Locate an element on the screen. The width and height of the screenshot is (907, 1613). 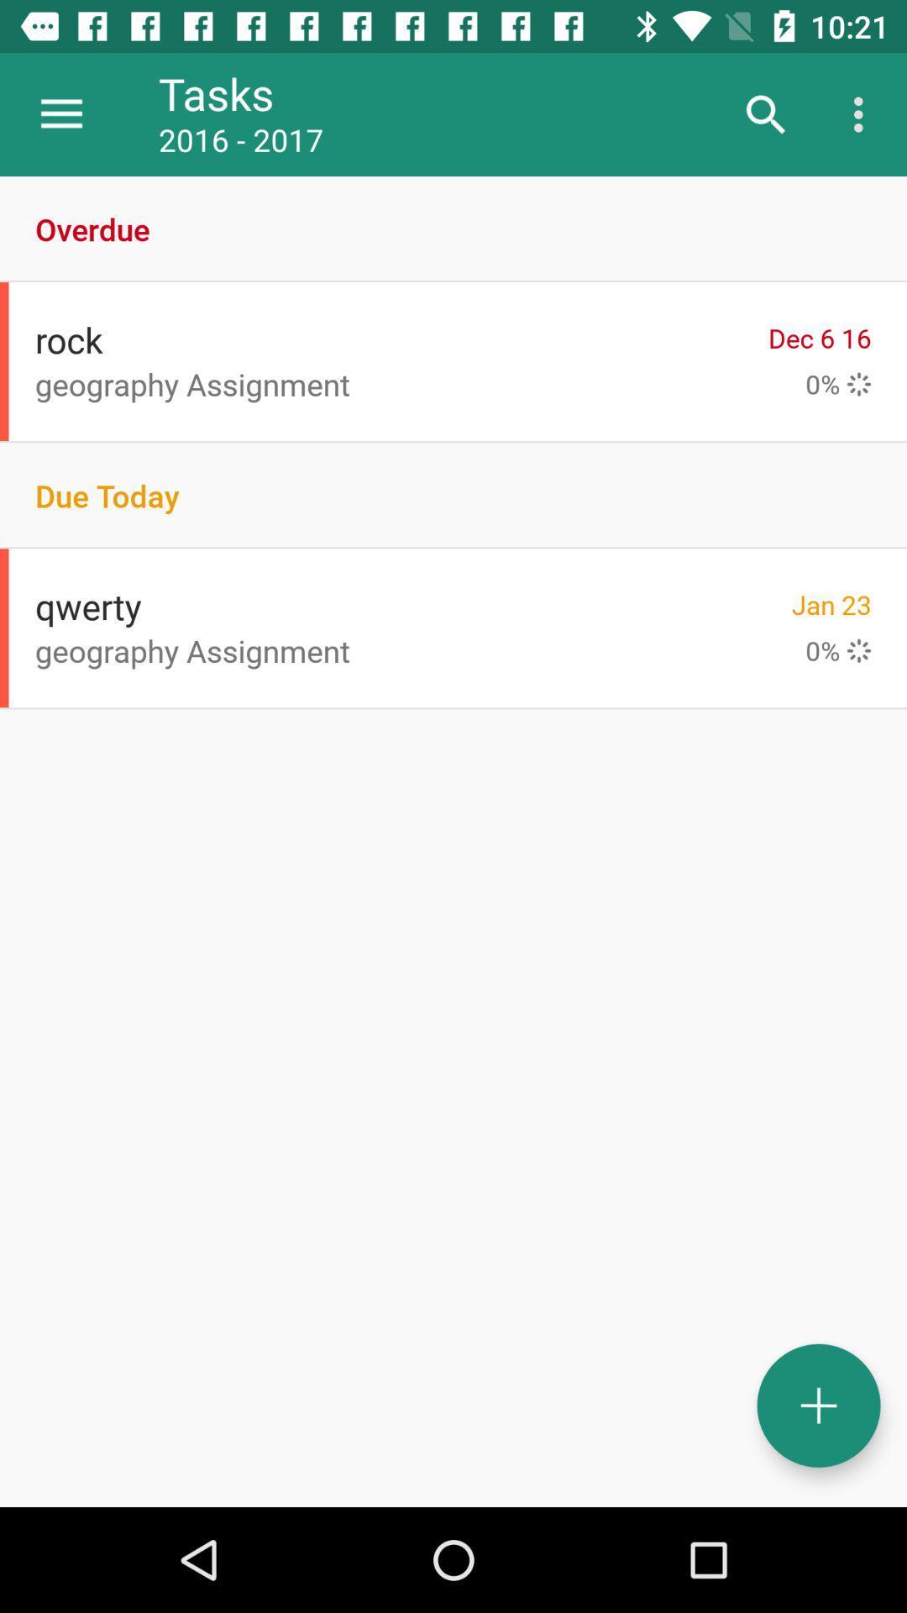
the add icon is located at coordinates (818, 1405).